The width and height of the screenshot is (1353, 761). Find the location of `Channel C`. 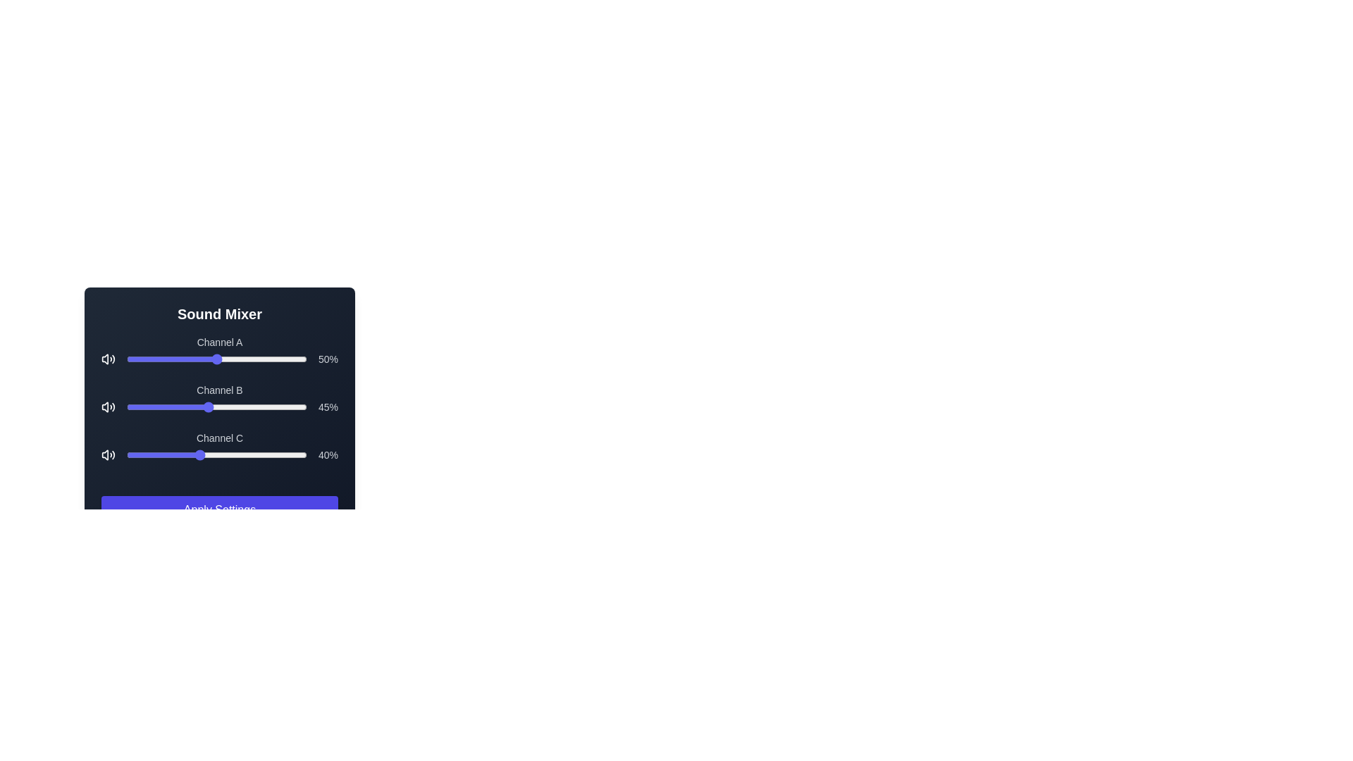

Channel C is located at coordinates (205, 454).